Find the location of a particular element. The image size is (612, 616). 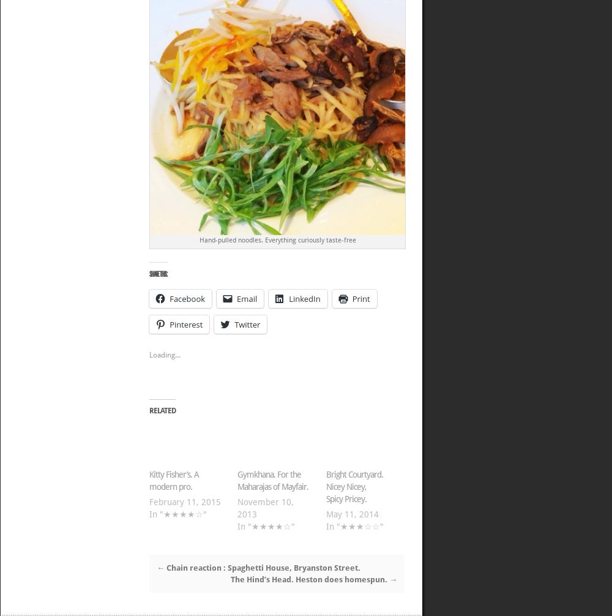

'Facebook' is located at coordinates (187, 298).